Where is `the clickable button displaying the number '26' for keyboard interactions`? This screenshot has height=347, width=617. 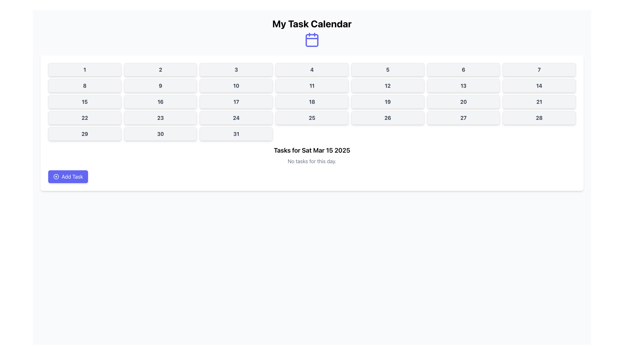
the clickable button displaying the number '26' for keyboard interactions is located at coordinates (387, 118).